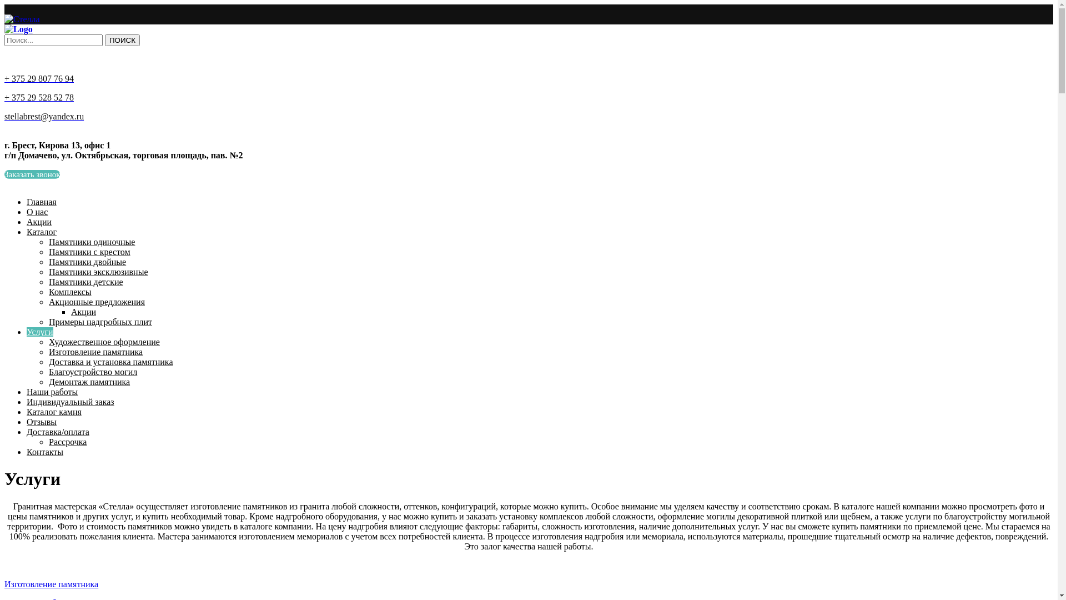 The height and width of the screenshot is (600, 1066). I want to click on 'stellabrest@yandex.ru', so click(44, 116).